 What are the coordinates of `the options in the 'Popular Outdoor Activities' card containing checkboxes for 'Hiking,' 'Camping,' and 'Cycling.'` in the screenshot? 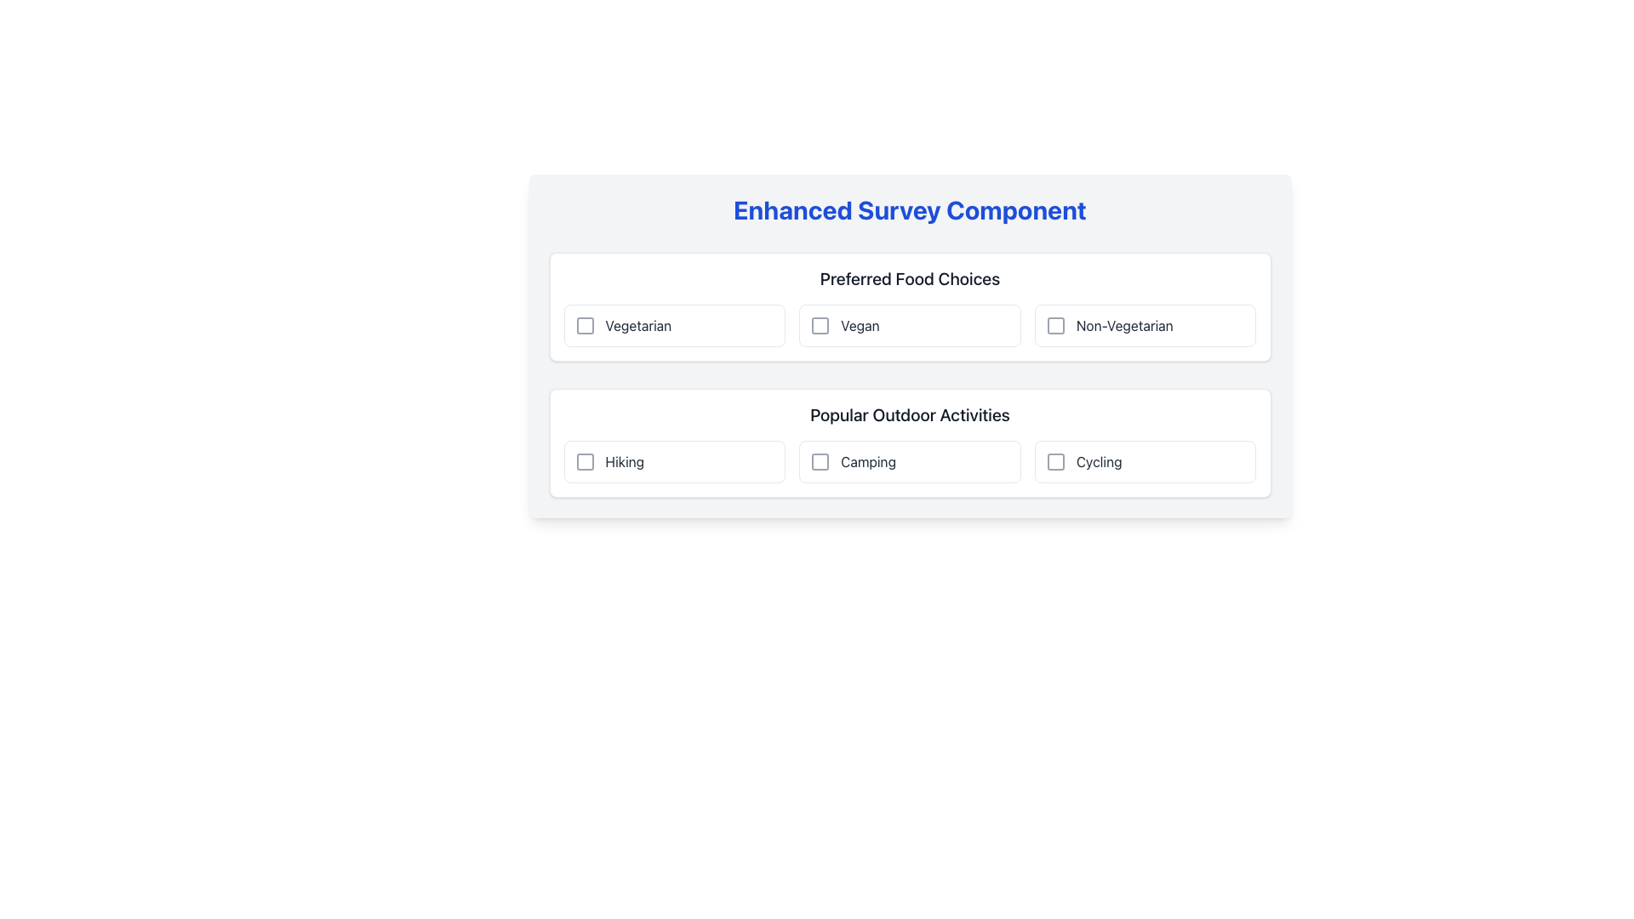 It's located at (909, 442).